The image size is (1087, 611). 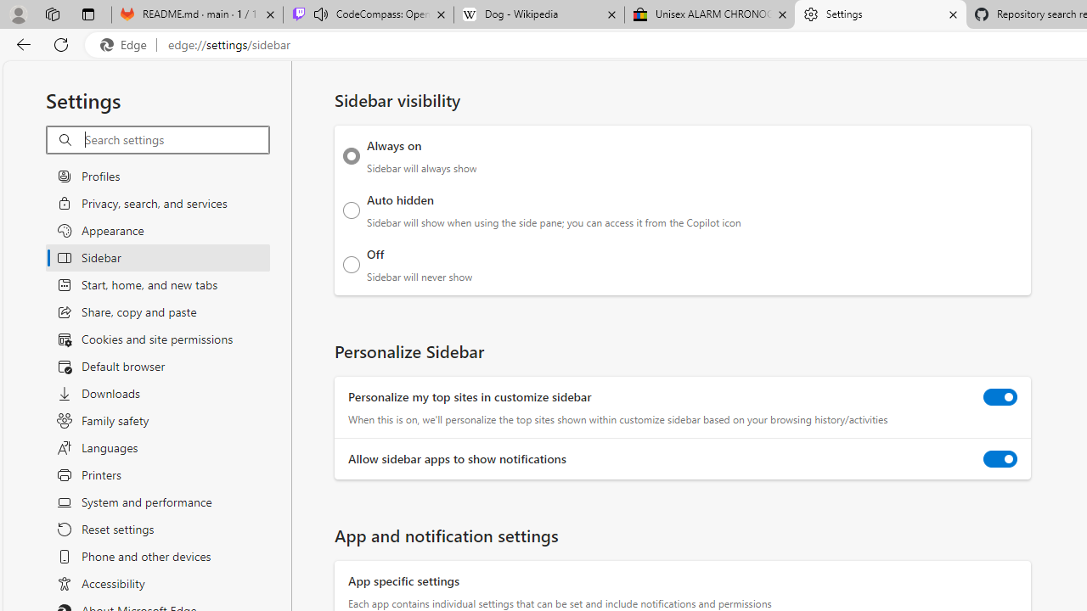 What do you see at coordinates (127, 44) in the screenshot?
I see `'Edge'` at bounding box center [127, 44].